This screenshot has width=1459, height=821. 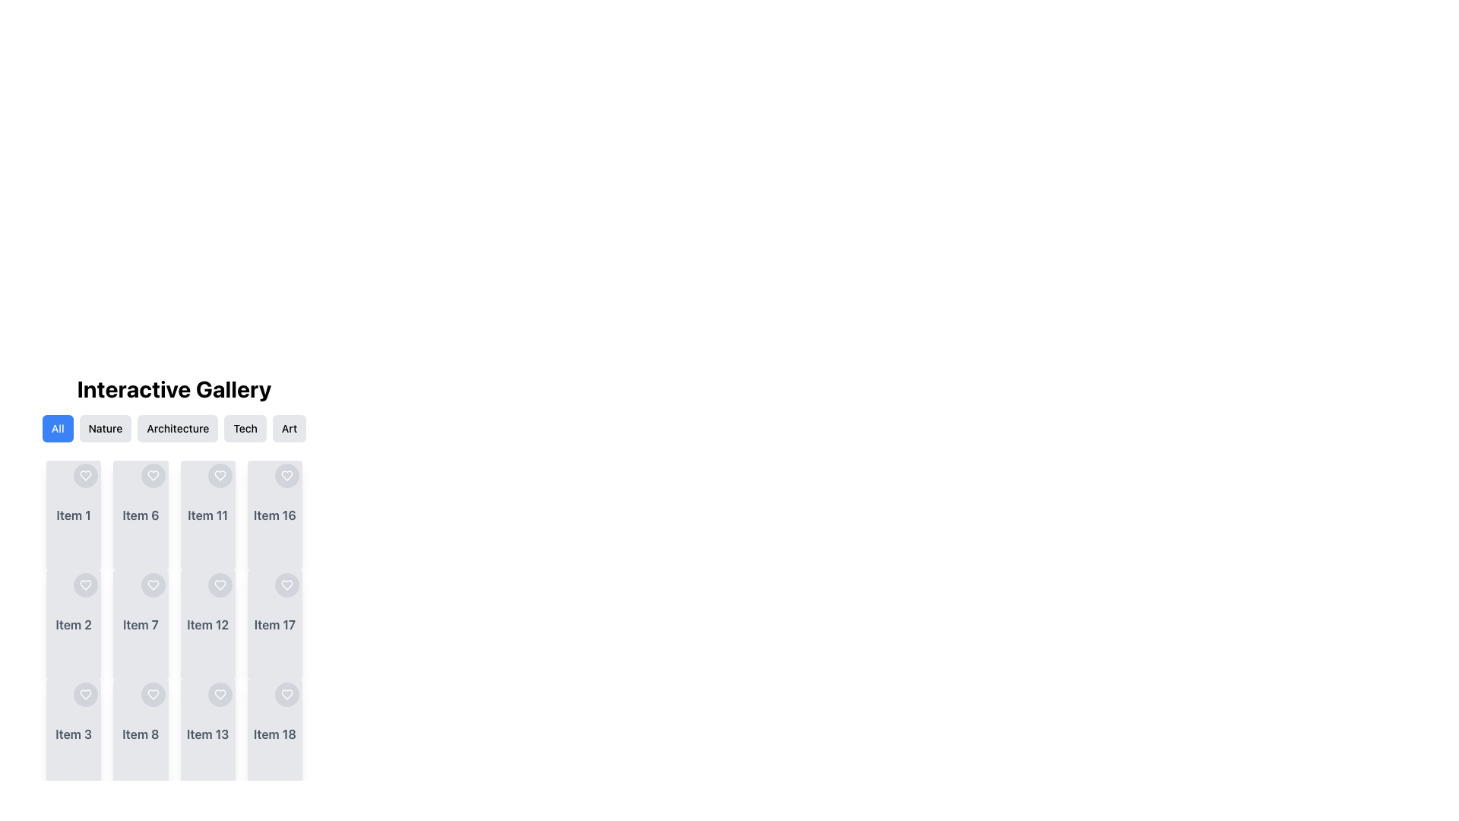 What do you see at coordinates (49, 624) in the screenshot?
I see `the 'View Details' button by clicking on the zoom-in SVG icon located to the left of the button's text` at bounding box center [49, 624].